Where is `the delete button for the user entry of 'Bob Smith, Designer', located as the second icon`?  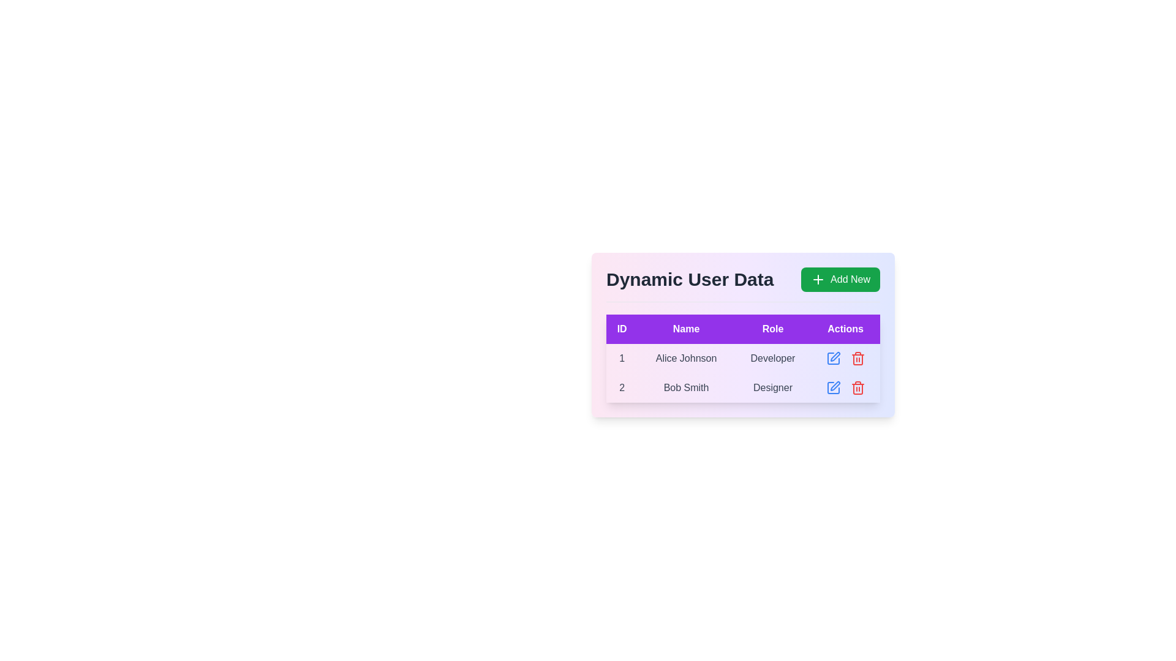
the delete button for the user entry of 'Bob Smith, Designer', located as the second icon is located at coordinates (857, 387).